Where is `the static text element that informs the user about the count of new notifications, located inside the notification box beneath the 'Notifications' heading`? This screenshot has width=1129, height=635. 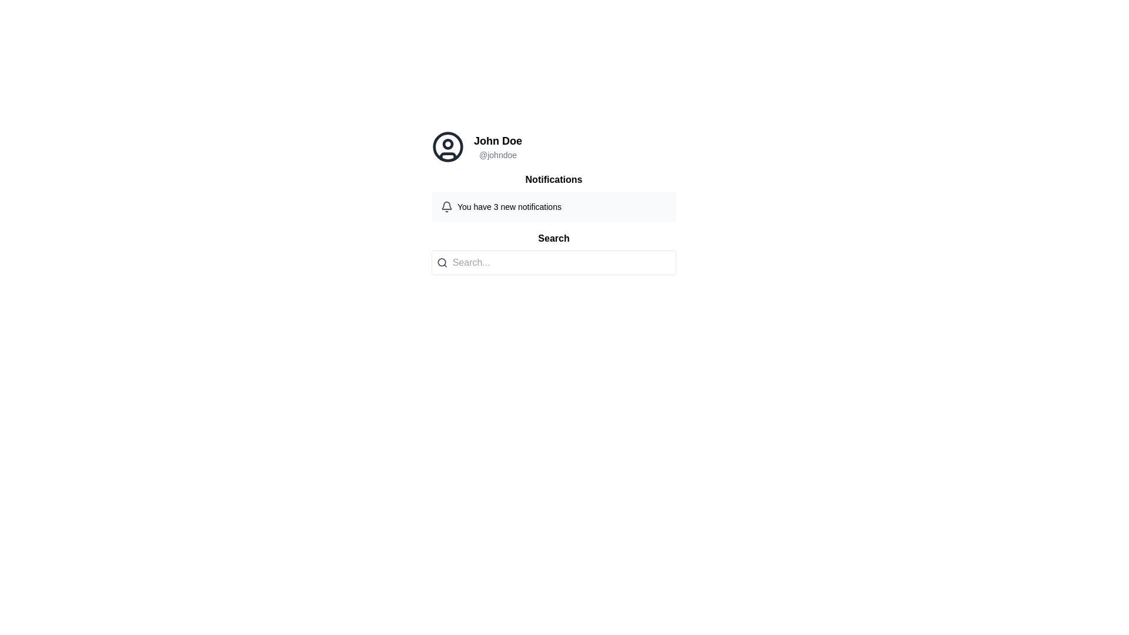
the static text element that informs the user about the count of new notifications, located inside the notification box beneath the 'Notifications' heading is located at coordinates (509, 206).